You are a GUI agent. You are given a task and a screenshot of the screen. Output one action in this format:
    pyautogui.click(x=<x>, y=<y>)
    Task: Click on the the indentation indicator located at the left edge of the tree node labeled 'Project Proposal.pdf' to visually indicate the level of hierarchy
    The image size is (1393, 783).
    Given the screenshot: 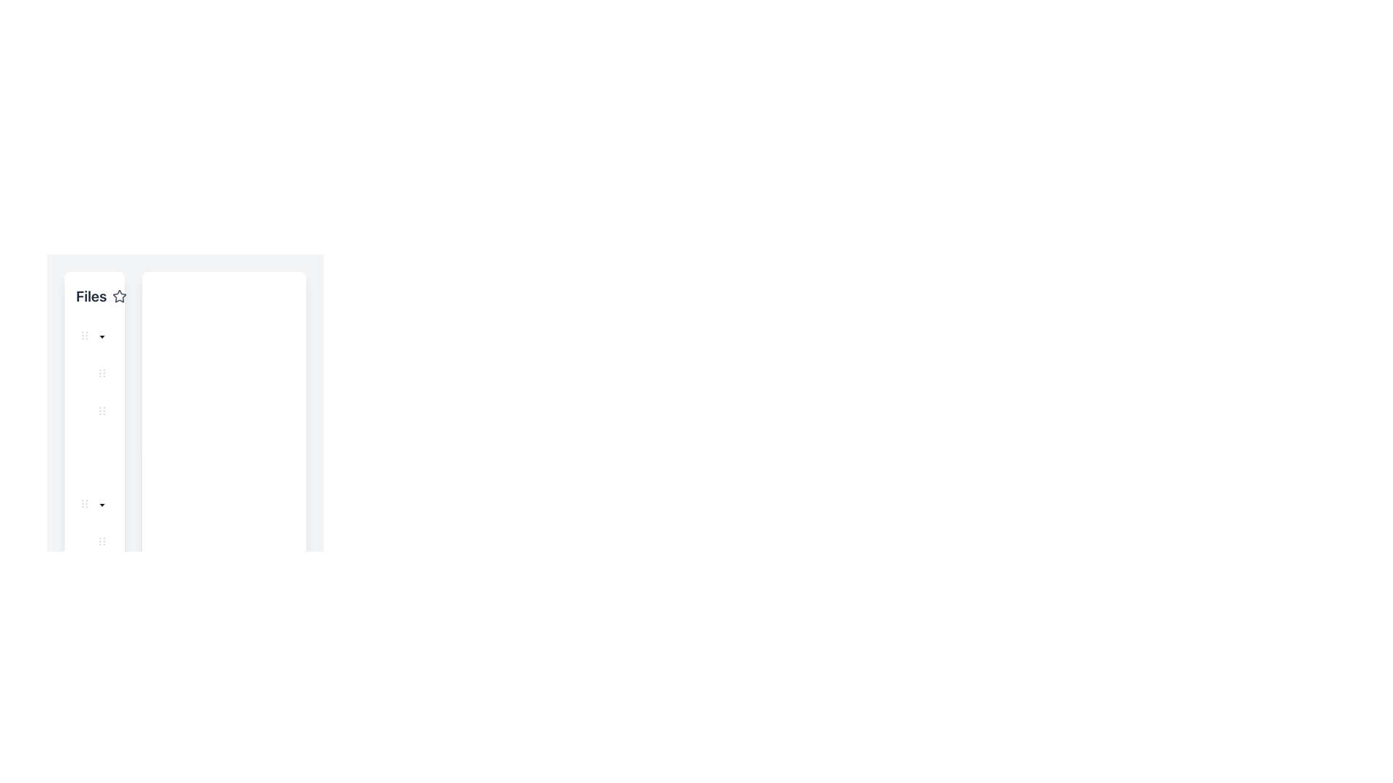 What is the action you would take?
    pyautogui.click(x=83, y=381)
    